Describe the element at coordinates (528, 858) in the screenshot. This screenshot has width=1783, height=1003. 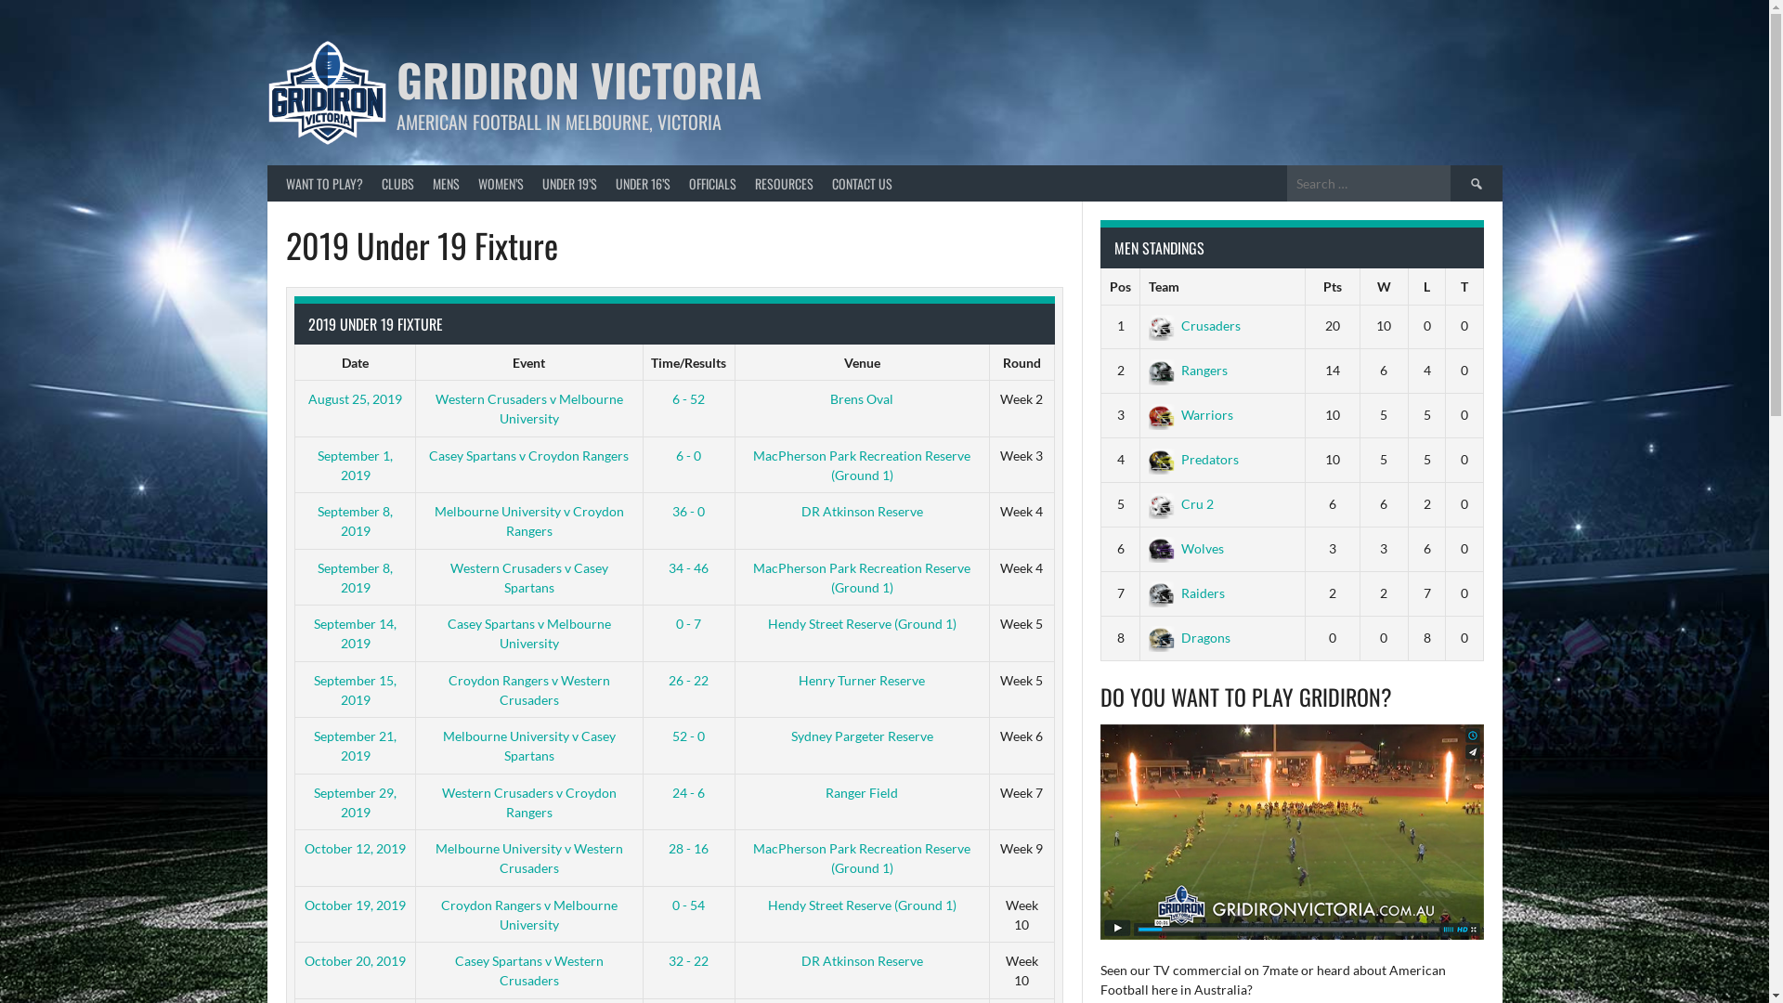
I see `'Melbourne University v Western Crusaders'` at that location.